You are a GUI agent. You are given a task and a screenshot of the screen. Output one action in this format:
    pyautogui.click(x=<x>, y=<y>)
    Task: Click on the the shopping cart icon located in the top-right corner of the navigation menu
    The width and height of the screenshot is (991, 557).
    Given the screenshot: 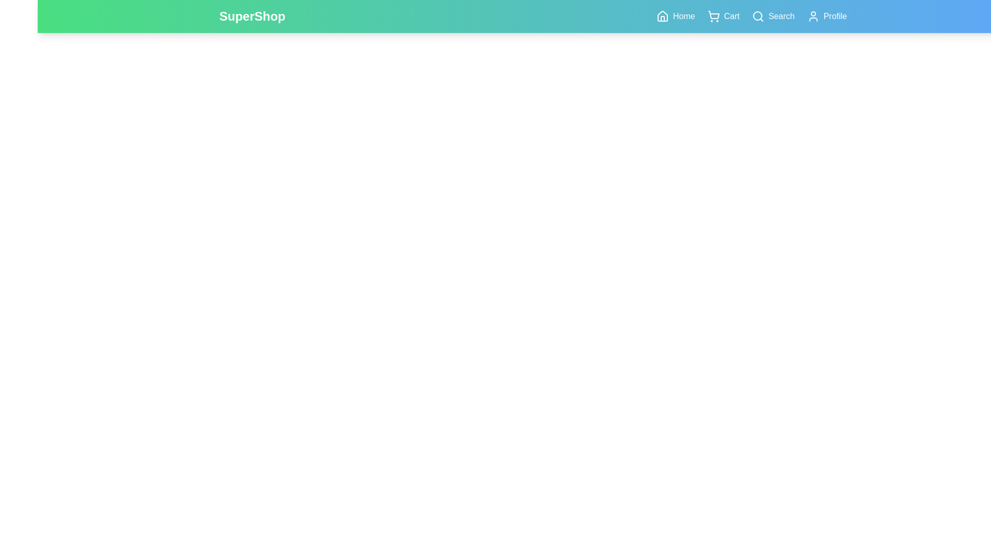 What is the action you would take?
    pyautogui.click(x=713, y=16)
    